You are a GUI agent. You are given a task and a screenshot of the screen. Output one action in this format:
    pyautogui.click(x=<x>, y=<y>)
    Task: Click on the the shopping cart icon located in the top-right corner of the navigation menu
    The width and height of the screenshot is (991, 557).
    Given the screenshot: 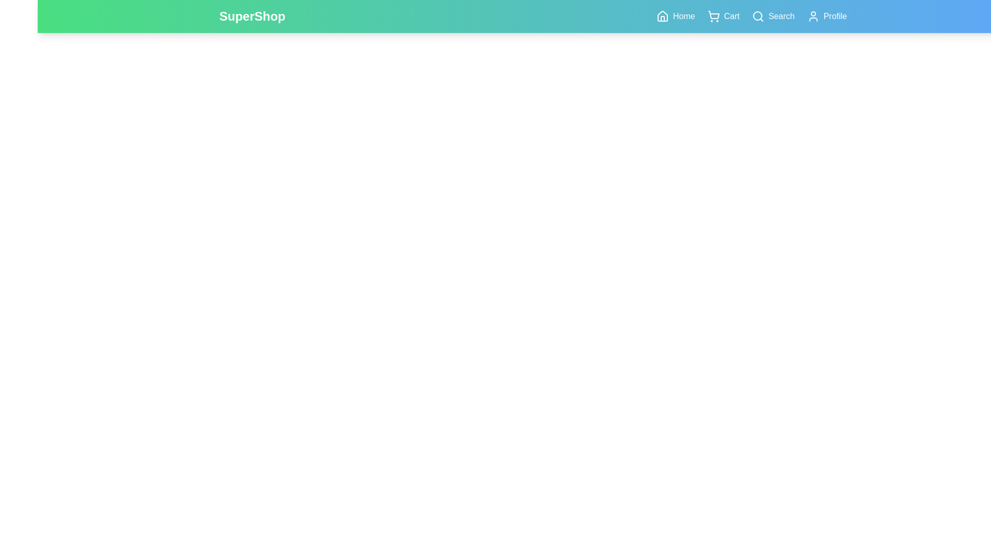 What is the action you would take?
    pyautogui.click(x=713, y=16)
    